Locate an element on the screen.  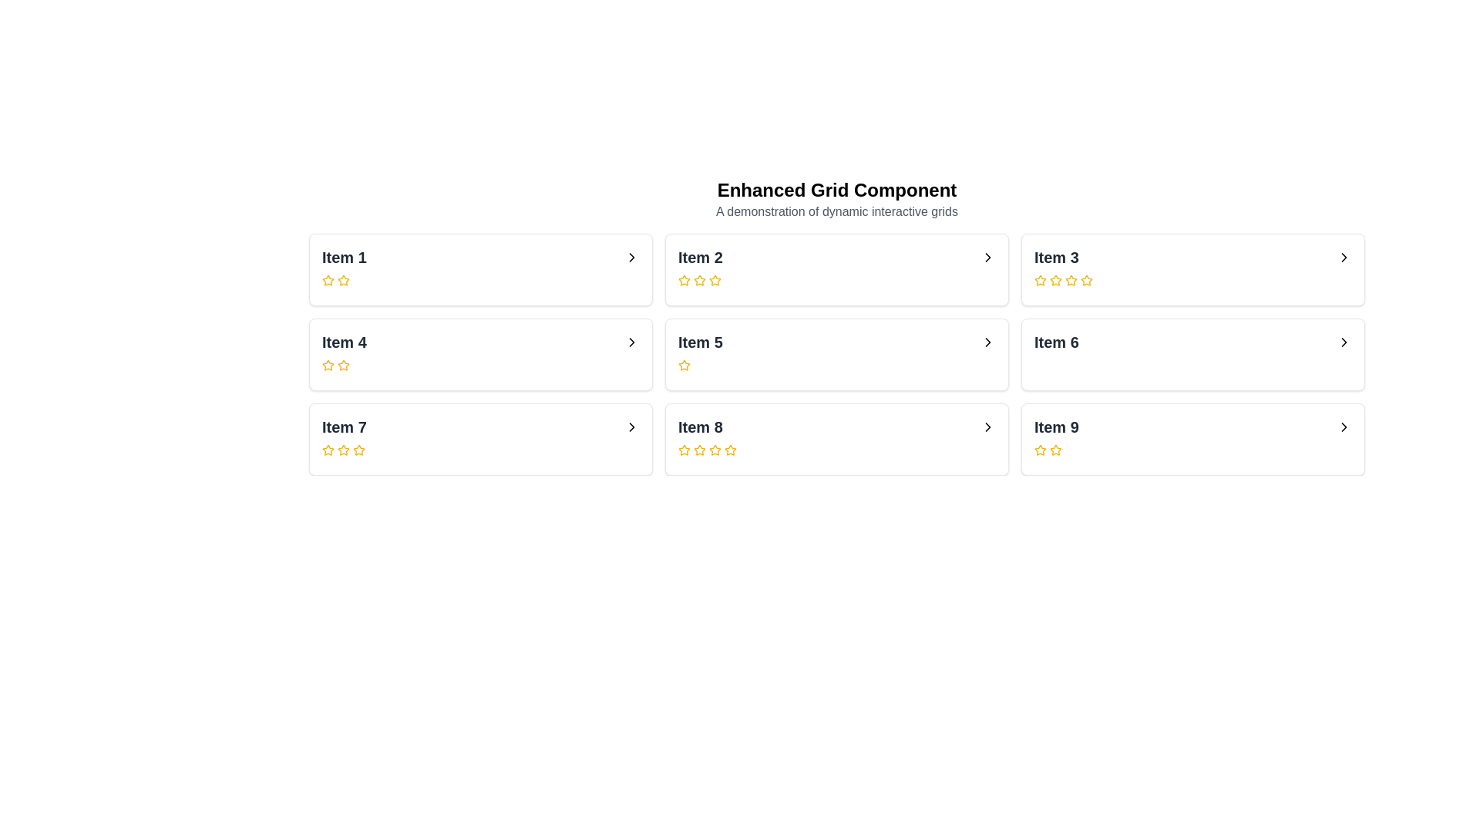
the first star-shaped icon with a hollow center and a yellow outline under 'Item 9' to rate it is located at coordinates (1040, 450).